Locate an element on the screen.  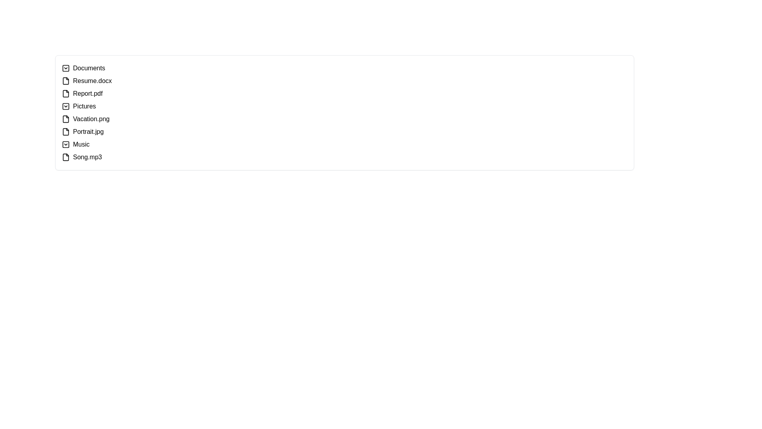
the 'Pictures' text label in the vertical menu is located at coordinates (84, 106).